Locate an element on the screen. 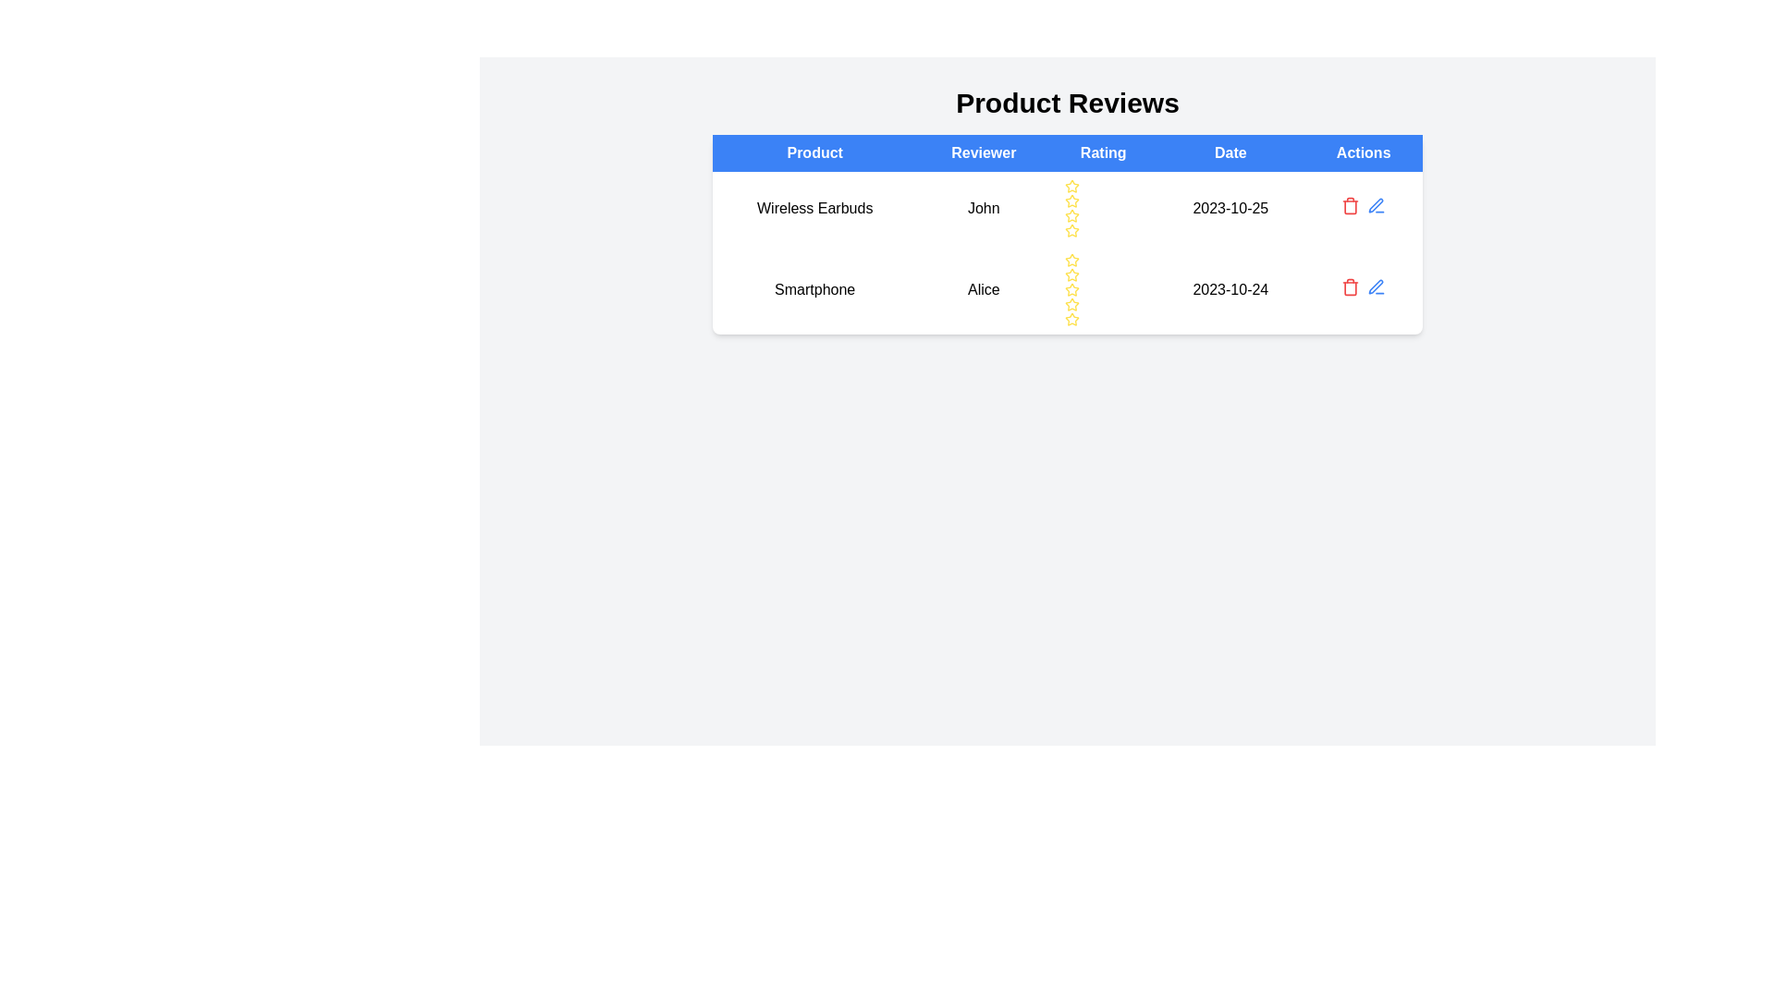 This screenshot has width=1775, height=998. the fourth rating star icon in the 'Rating' column under the 'Smartphone' product entry to trigger the tooltip is located at coordinates (1072, 303).